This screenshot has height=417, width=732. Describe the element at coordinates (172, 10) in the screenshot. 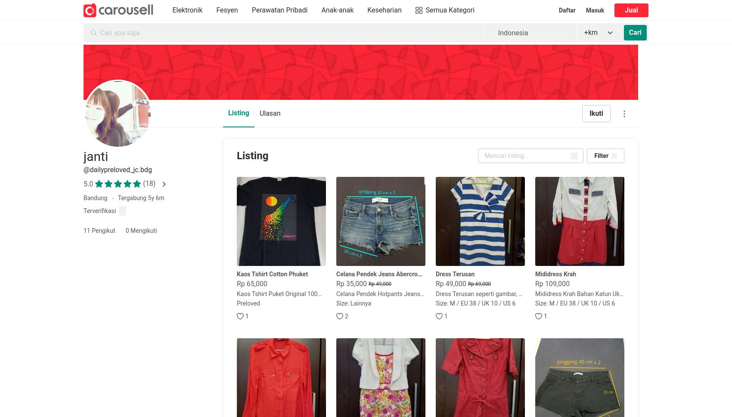

I see `'Elektronik'` at that location.